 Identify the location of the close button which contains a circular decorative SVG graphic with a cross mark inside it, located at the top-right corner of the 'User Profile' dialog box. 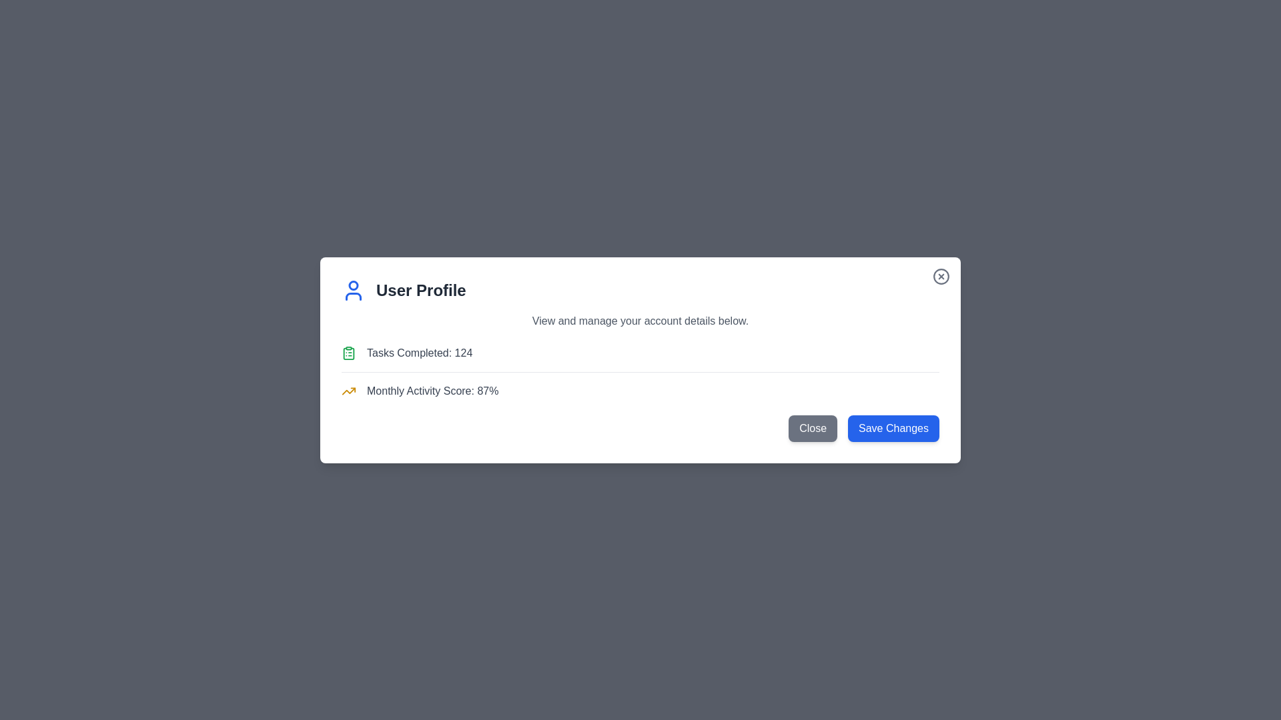
(941, 275).